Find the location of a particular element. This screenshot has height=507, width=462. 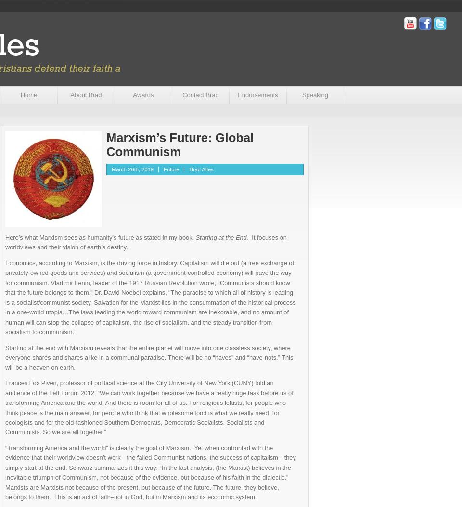

'Home' is located at coordinates (28, 95).